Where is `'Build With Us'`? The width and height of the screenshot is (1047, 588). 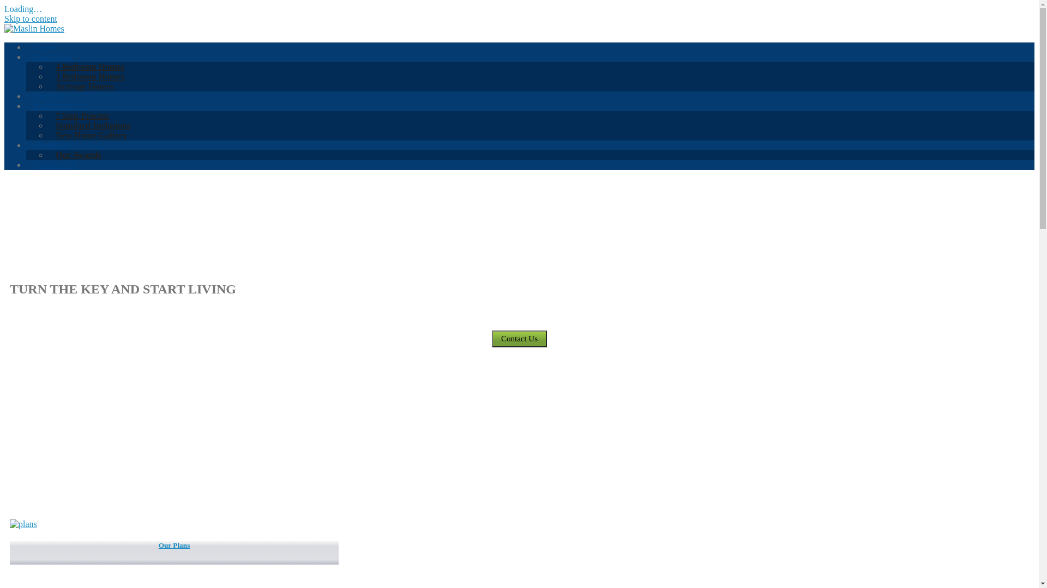 'Build With Us' is located at coordinates (59, 106).